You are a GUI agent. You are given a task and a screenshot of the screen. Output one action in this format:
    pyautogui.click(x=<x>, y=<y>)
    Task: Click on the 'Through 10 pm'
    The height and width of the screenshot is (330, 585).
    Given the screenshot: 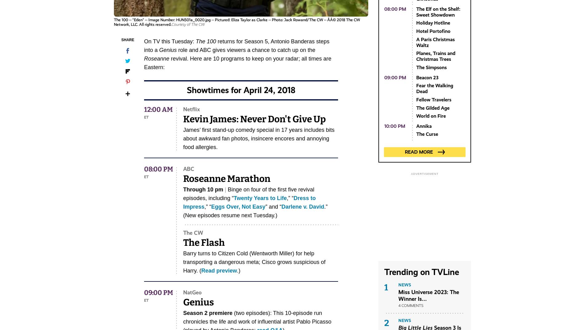 What is the action you would take?
    pyautogui.click(x=203, y=190)
    